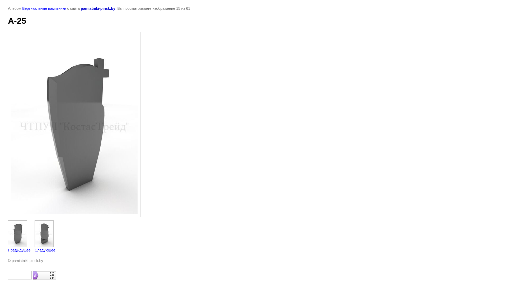  Describe the element at coordinates (81, 8) in the screenshot. I see `'pamiatniki-pinsk.by'` at that location.